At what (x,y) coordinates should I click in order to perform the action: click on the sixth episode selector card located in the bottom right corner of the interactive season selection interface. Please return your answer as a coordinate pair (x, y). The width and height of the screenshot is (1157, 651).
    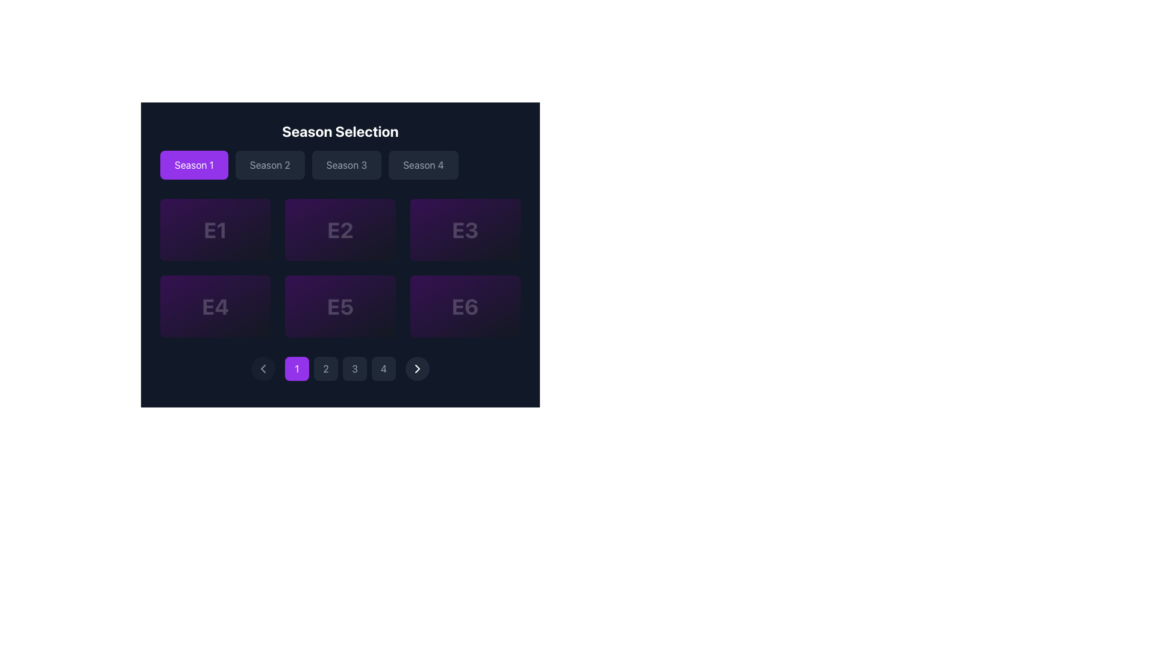
    Looking at the image, I should click on (465, 306).